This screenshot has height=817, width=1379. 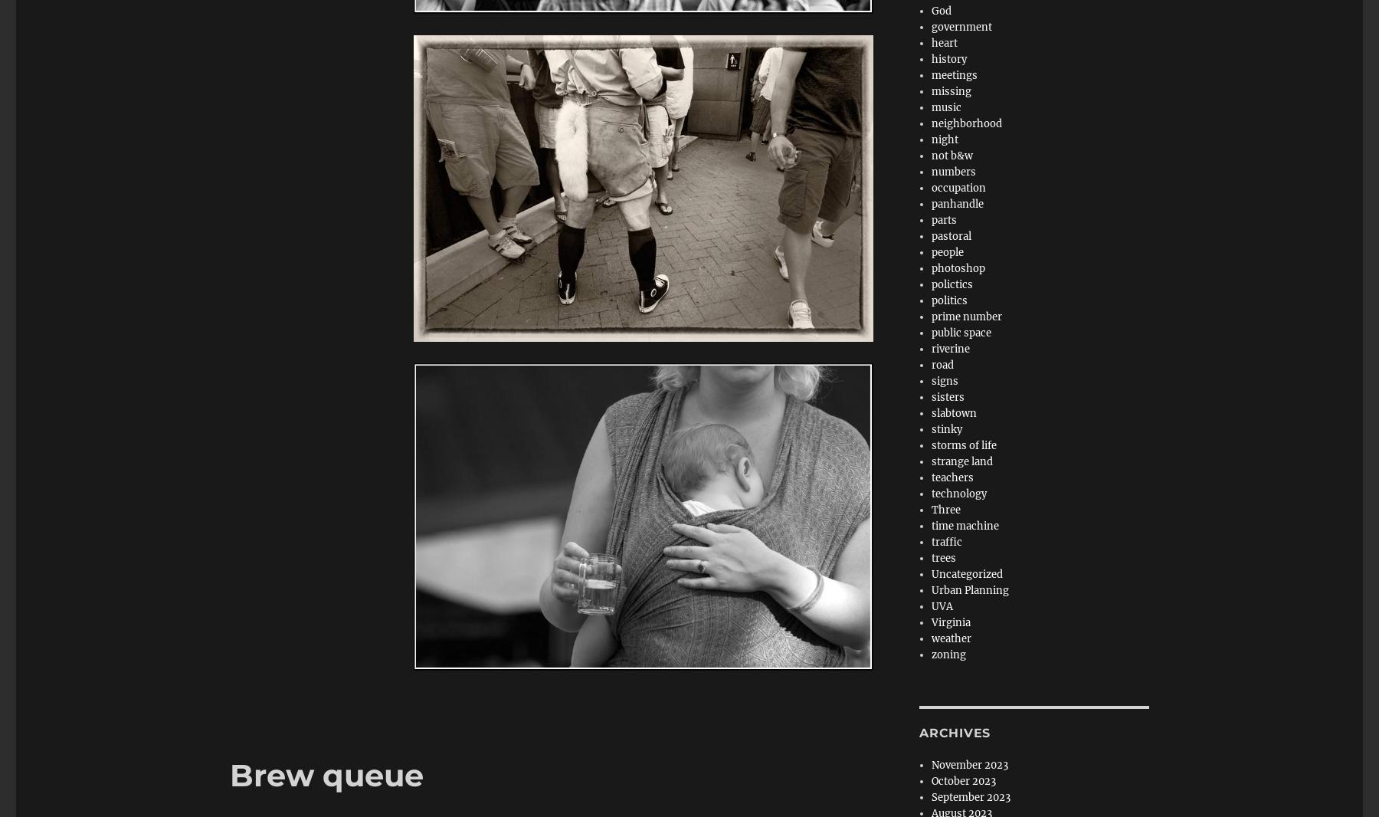 I want to click on 'November 2023', so click(x=969, y=765).